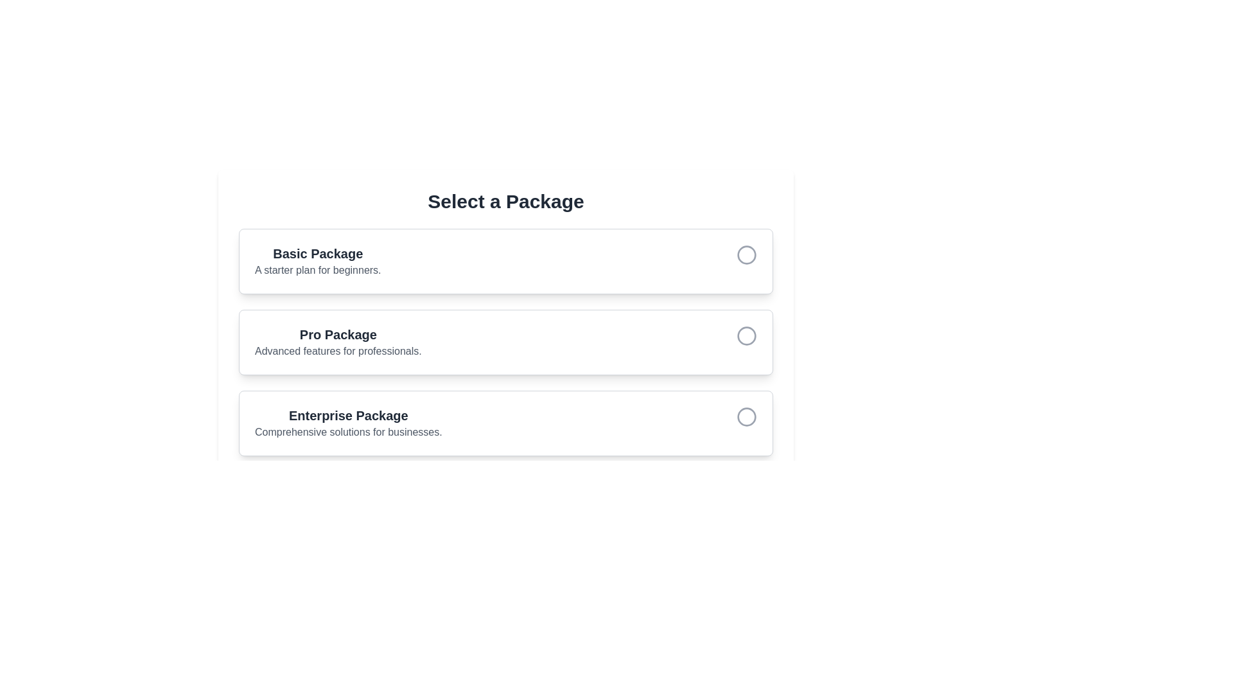 This screenshot has width=1233, height=694. What do you see at coordinates (505, 261) in the screenshot?
I see `the radio button on the 'Basic Package' selectable option card, which is the first card in the vertical stack of three options` at bounding box center [505, 261].